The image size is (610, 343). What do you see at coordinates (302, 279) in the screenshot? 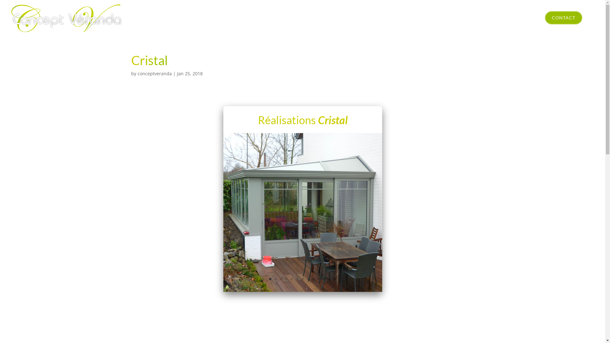
I see `'7'` at bounding box center [302, 279].